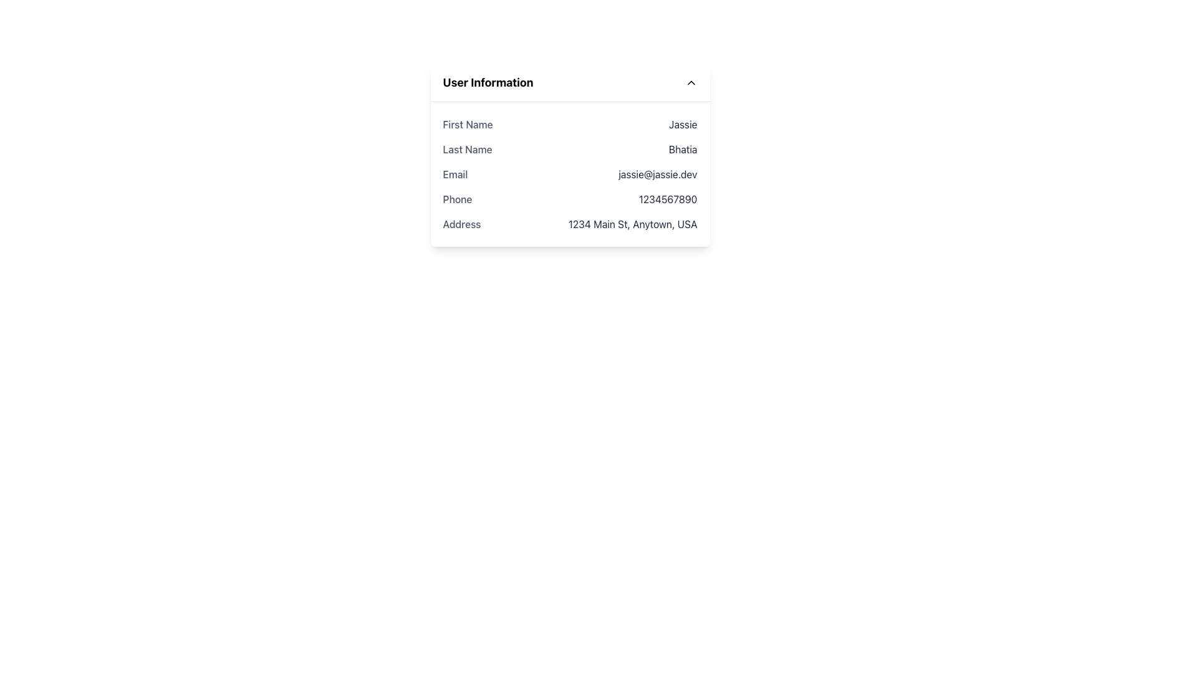  What do you see at coordinates (461, 223) in the screenshot?
I see `the 'Address' text label, which is a medium-weight gray font located on the left side of the user details section, preceding the actual address information` at bounding box center [461, 223].